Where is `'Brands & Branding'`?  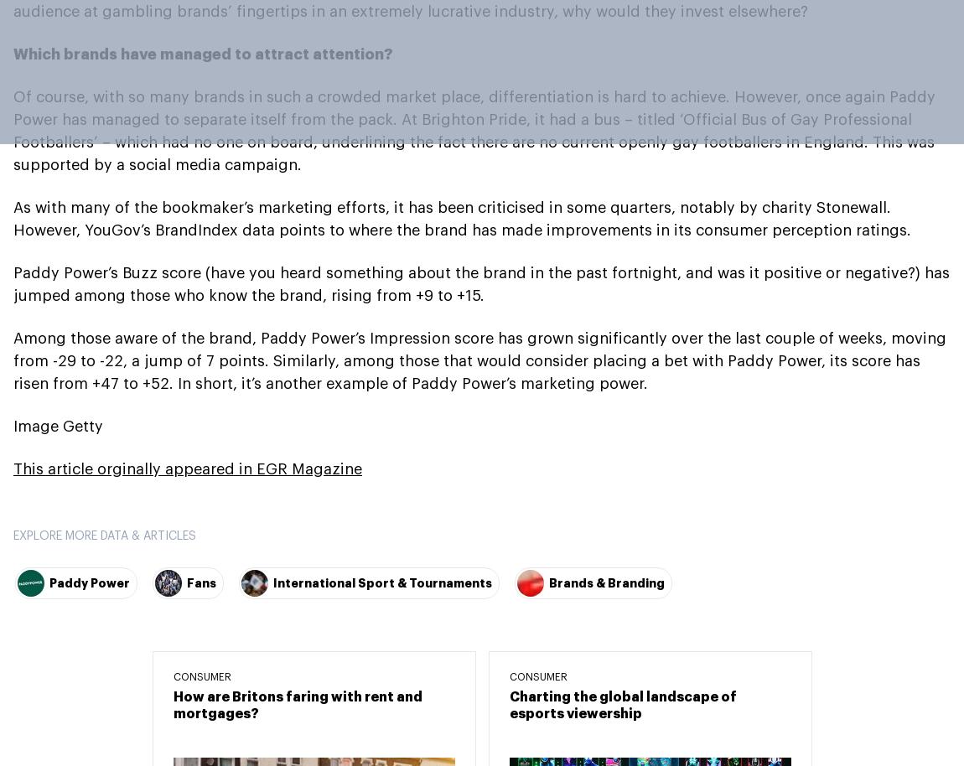 'Brands & Branding' is located at coordinates (606, 582).